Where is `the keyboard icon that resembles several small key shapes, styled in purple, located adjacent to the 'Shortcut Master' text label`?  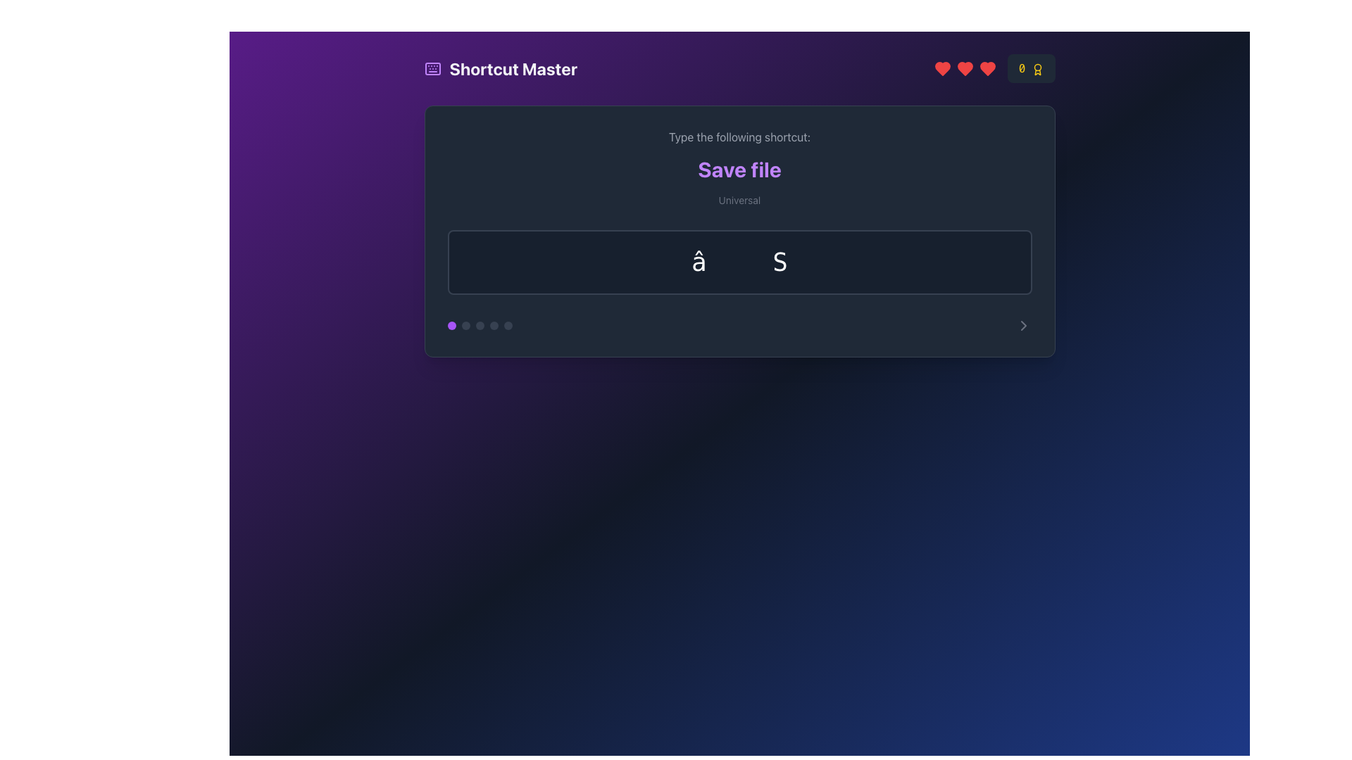
the keyboard icon that resembles several small key shapes, styled in purple, located adjacent to the 'Shortcut Master' text label is located at coordinates (432, 68).